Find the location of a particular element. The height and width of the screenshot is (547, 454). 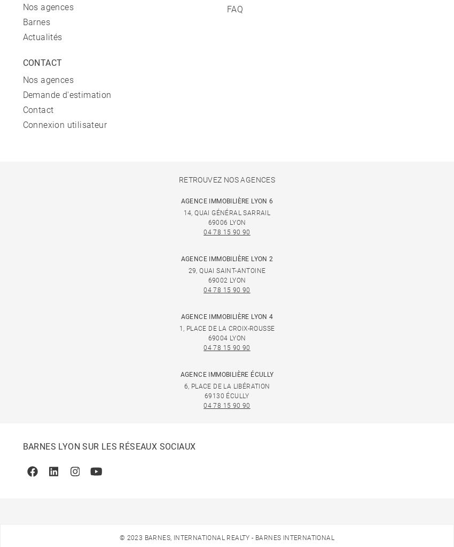

'14, quai Général Sarrail' is located at coordinates (226, 212).